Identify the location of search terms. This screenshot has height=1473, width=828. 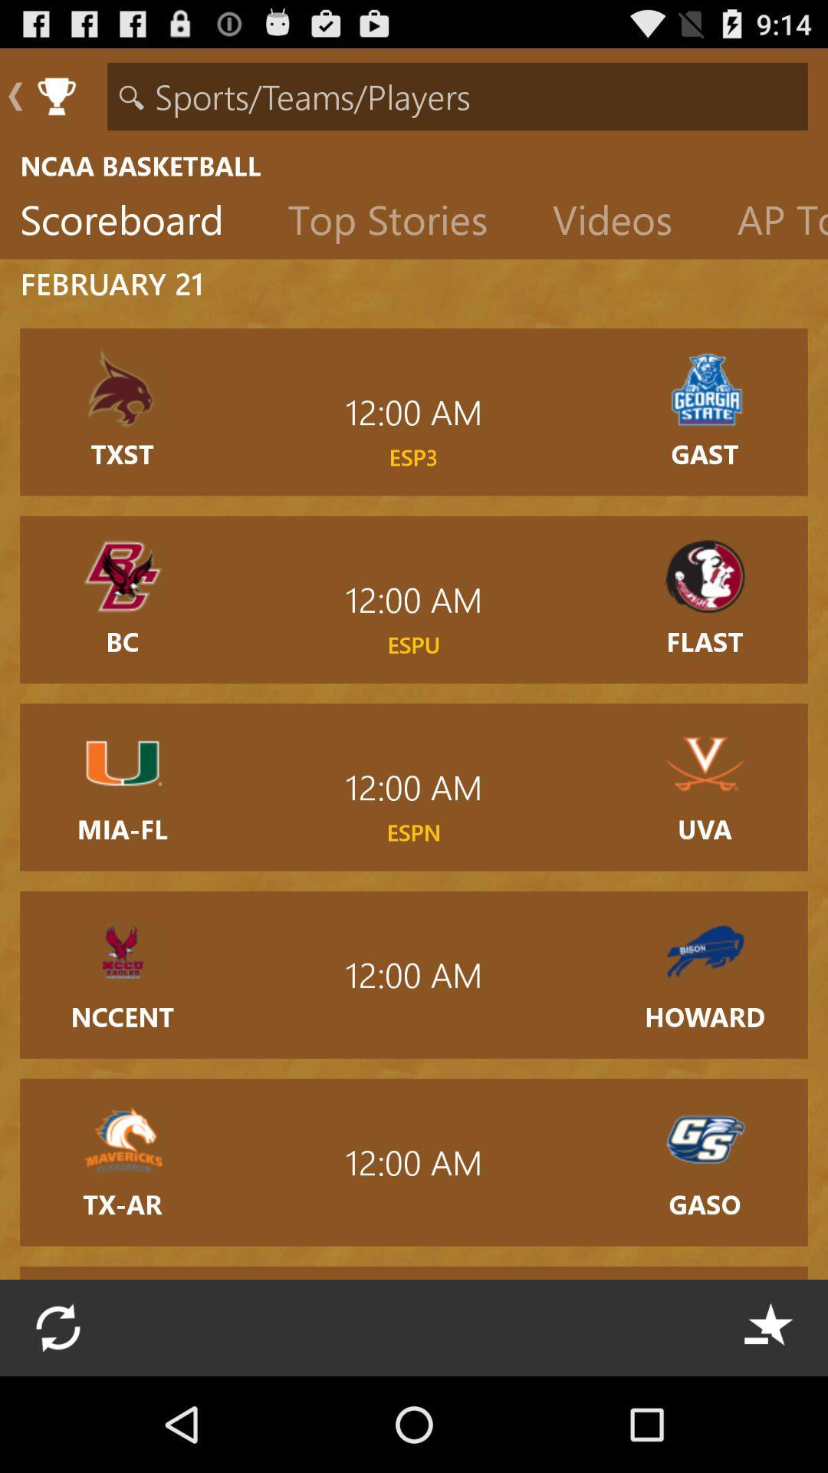
(457, 95).